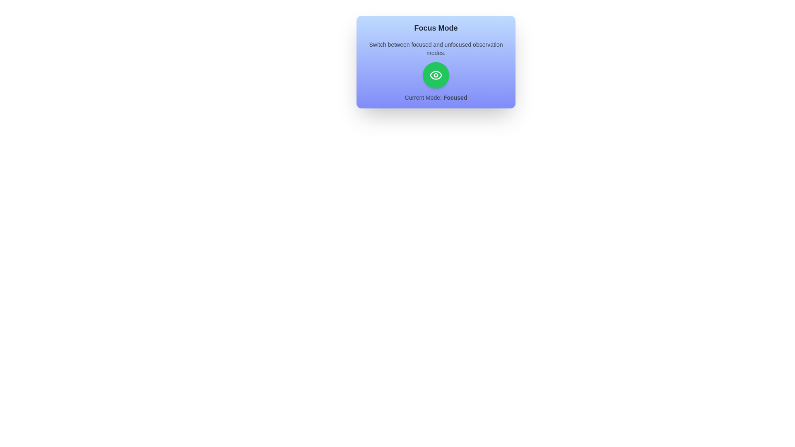 The image size is (795, 447). Describe the element at coordinates (435, 75) in the screenshot. I see `the toggle button to switch the focus mode` at that location.